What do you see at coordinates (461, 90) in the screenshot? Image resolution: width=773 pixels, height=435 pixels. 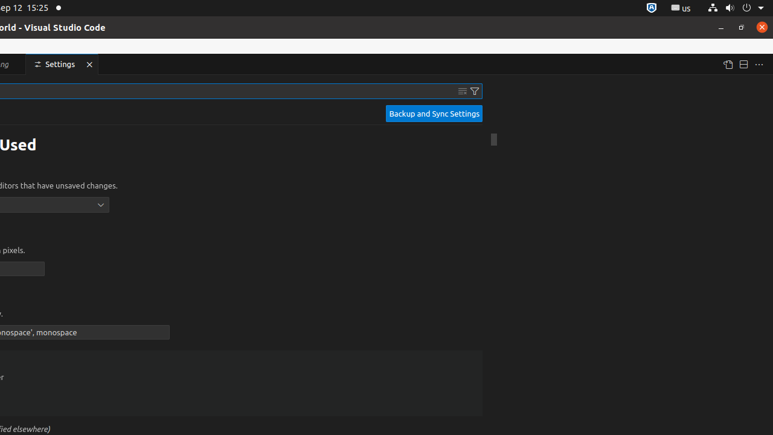 I see `'Clear Settings Search Input'` at bounding box center [461, 90].